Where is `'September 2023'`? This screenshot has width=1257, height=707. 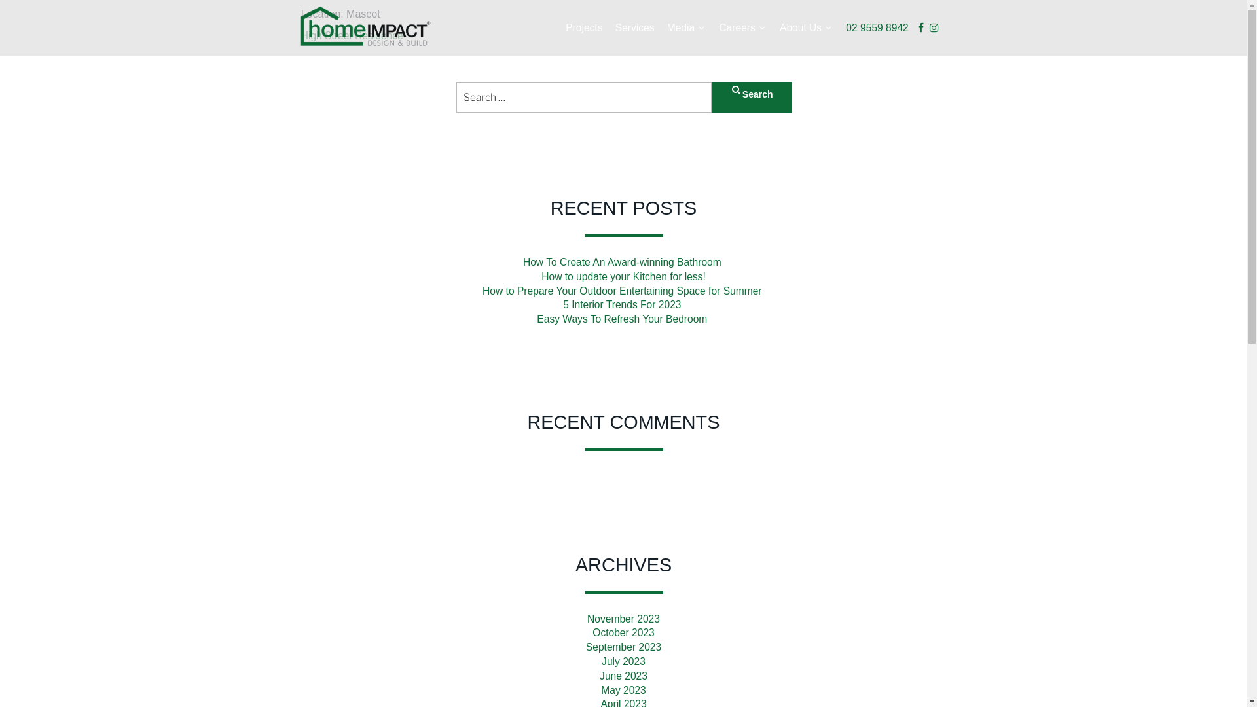 'September 2023' is located at coordinates (585, 646).